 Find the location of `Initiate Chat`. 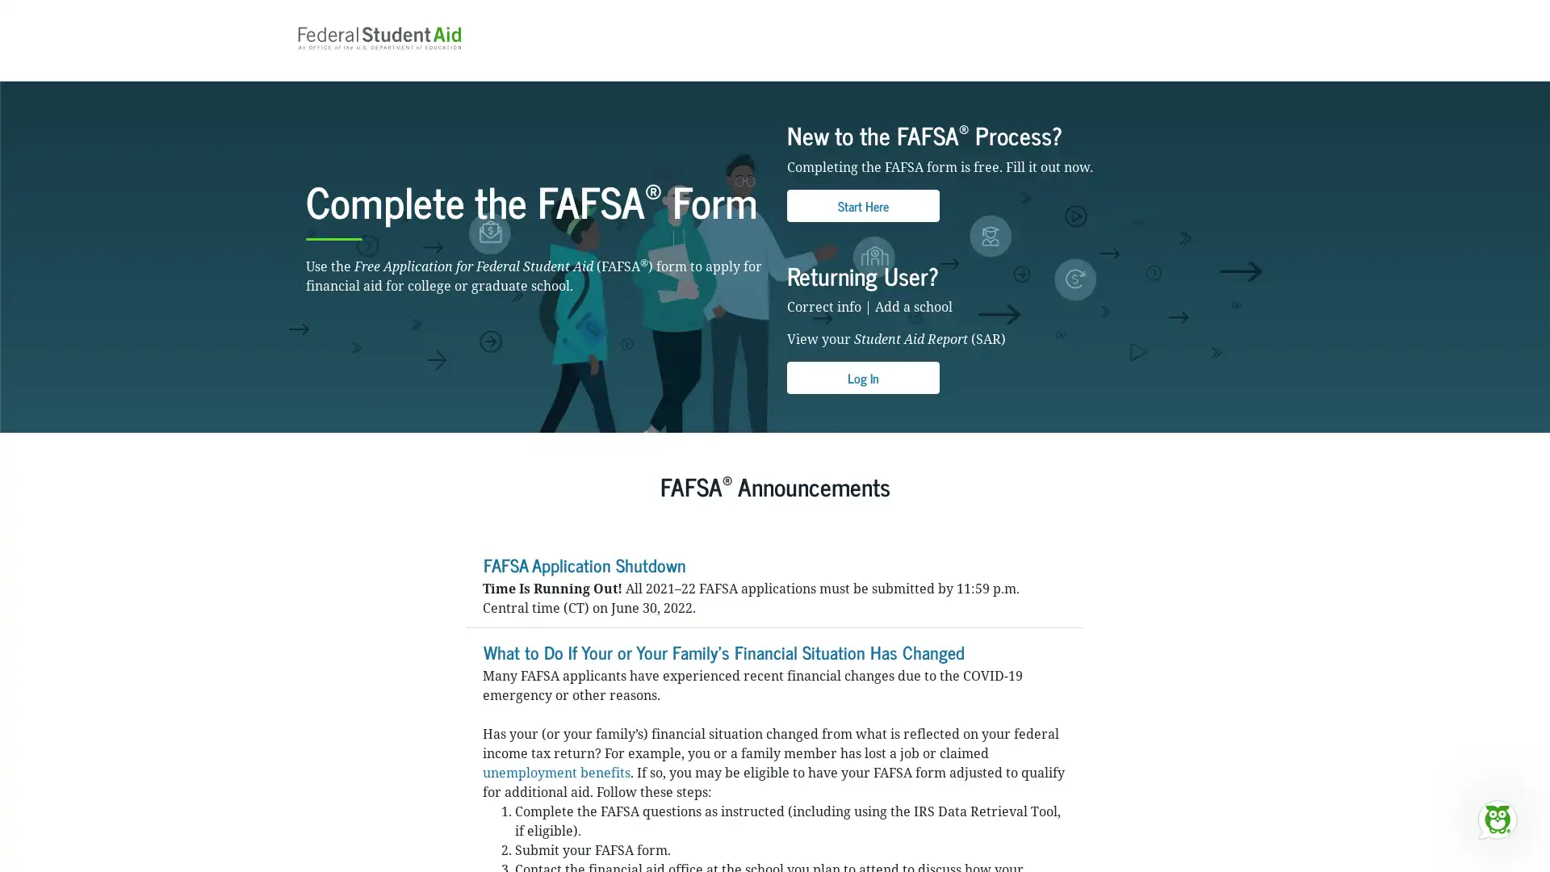

Initiate Chat is located at coordinates (1496, 819).